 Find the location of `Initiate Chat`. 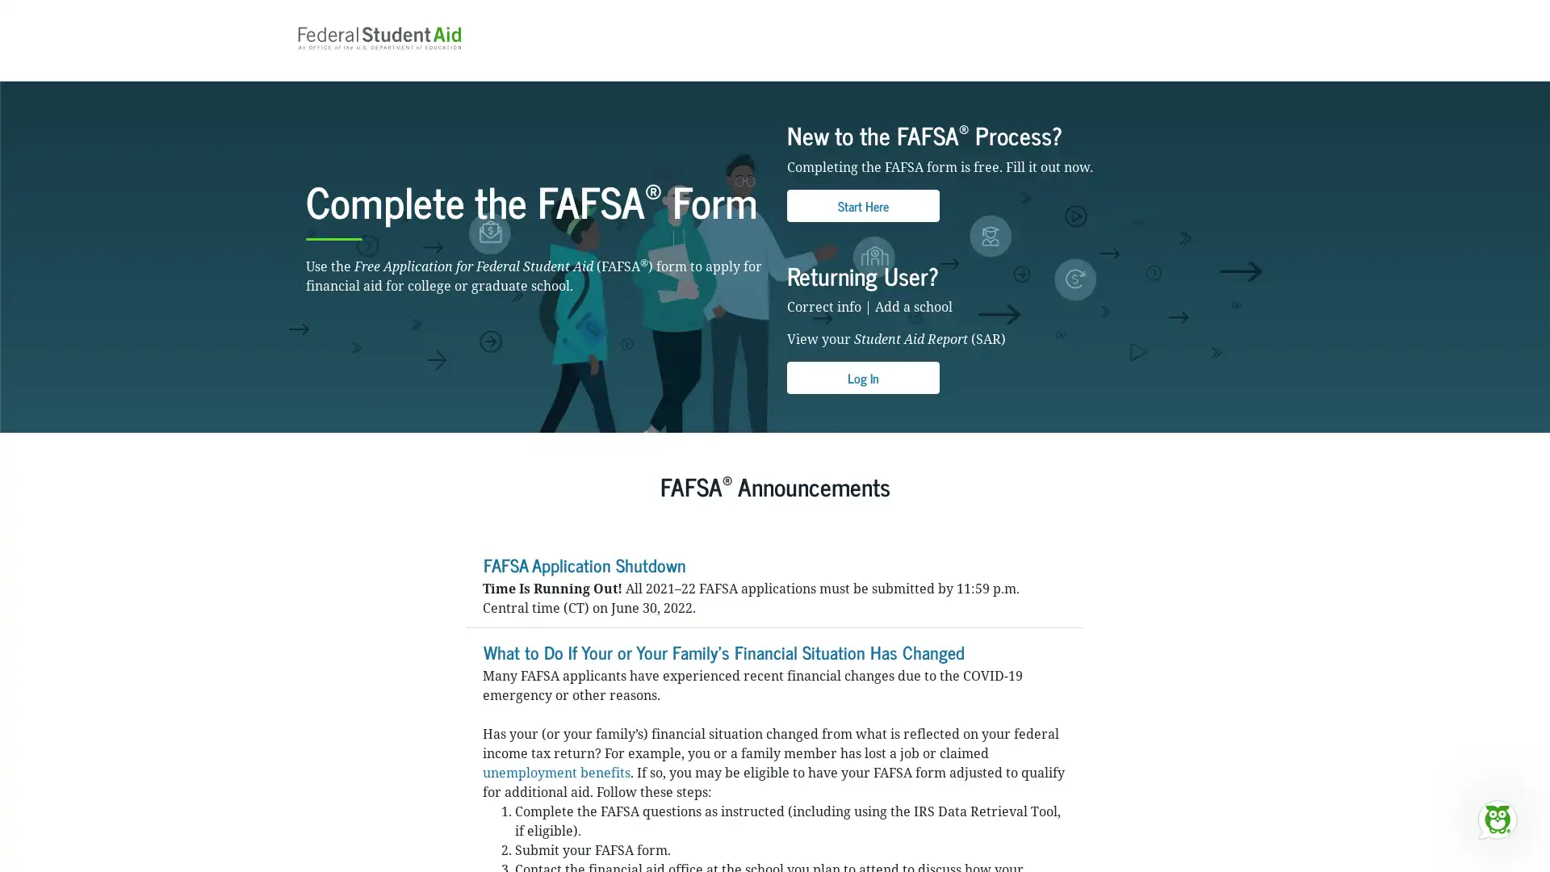

Initiate Chat is located at coordinates (1496, 819).